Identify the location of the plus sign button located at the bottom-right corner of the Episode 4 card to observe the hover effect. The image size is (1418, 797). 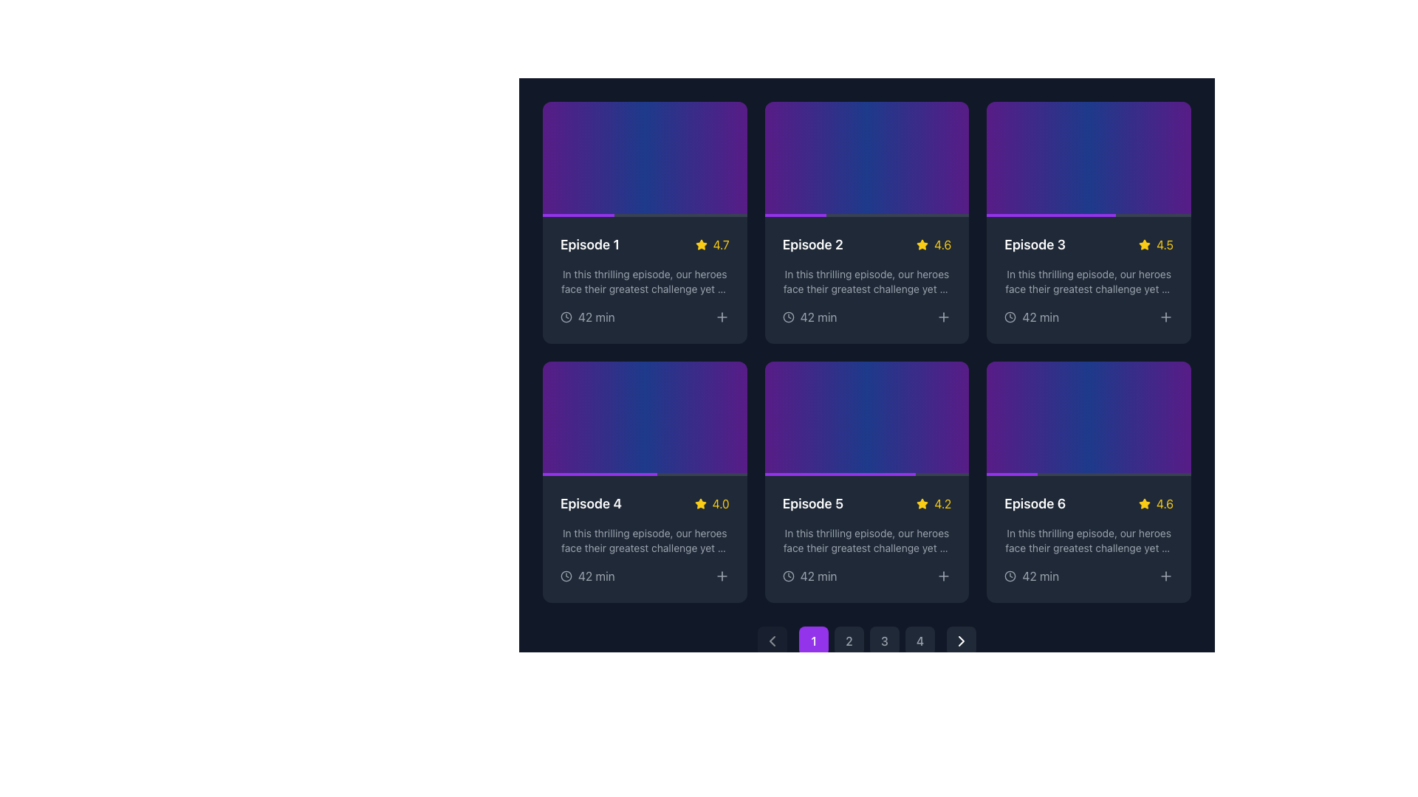
(722, 576).